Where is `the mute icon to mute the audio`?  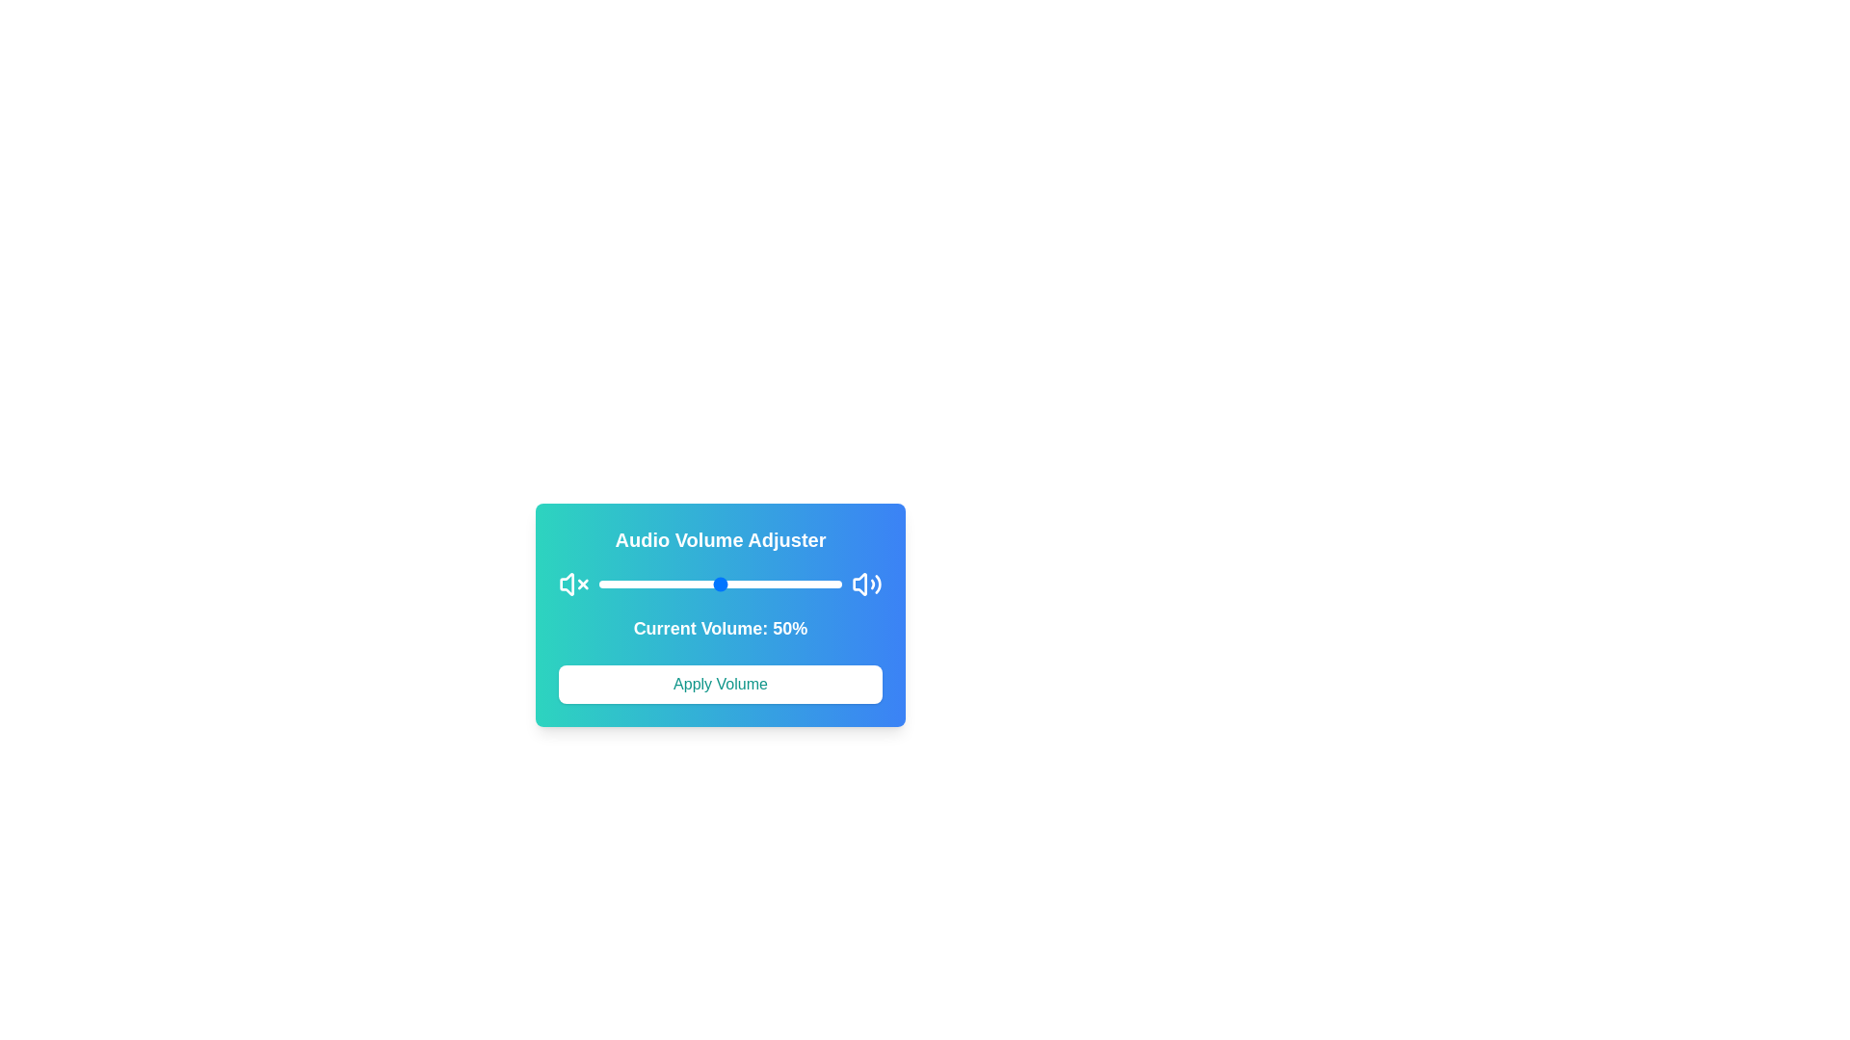
the mute icon to mute the audio is located at coordinates (572, 583).